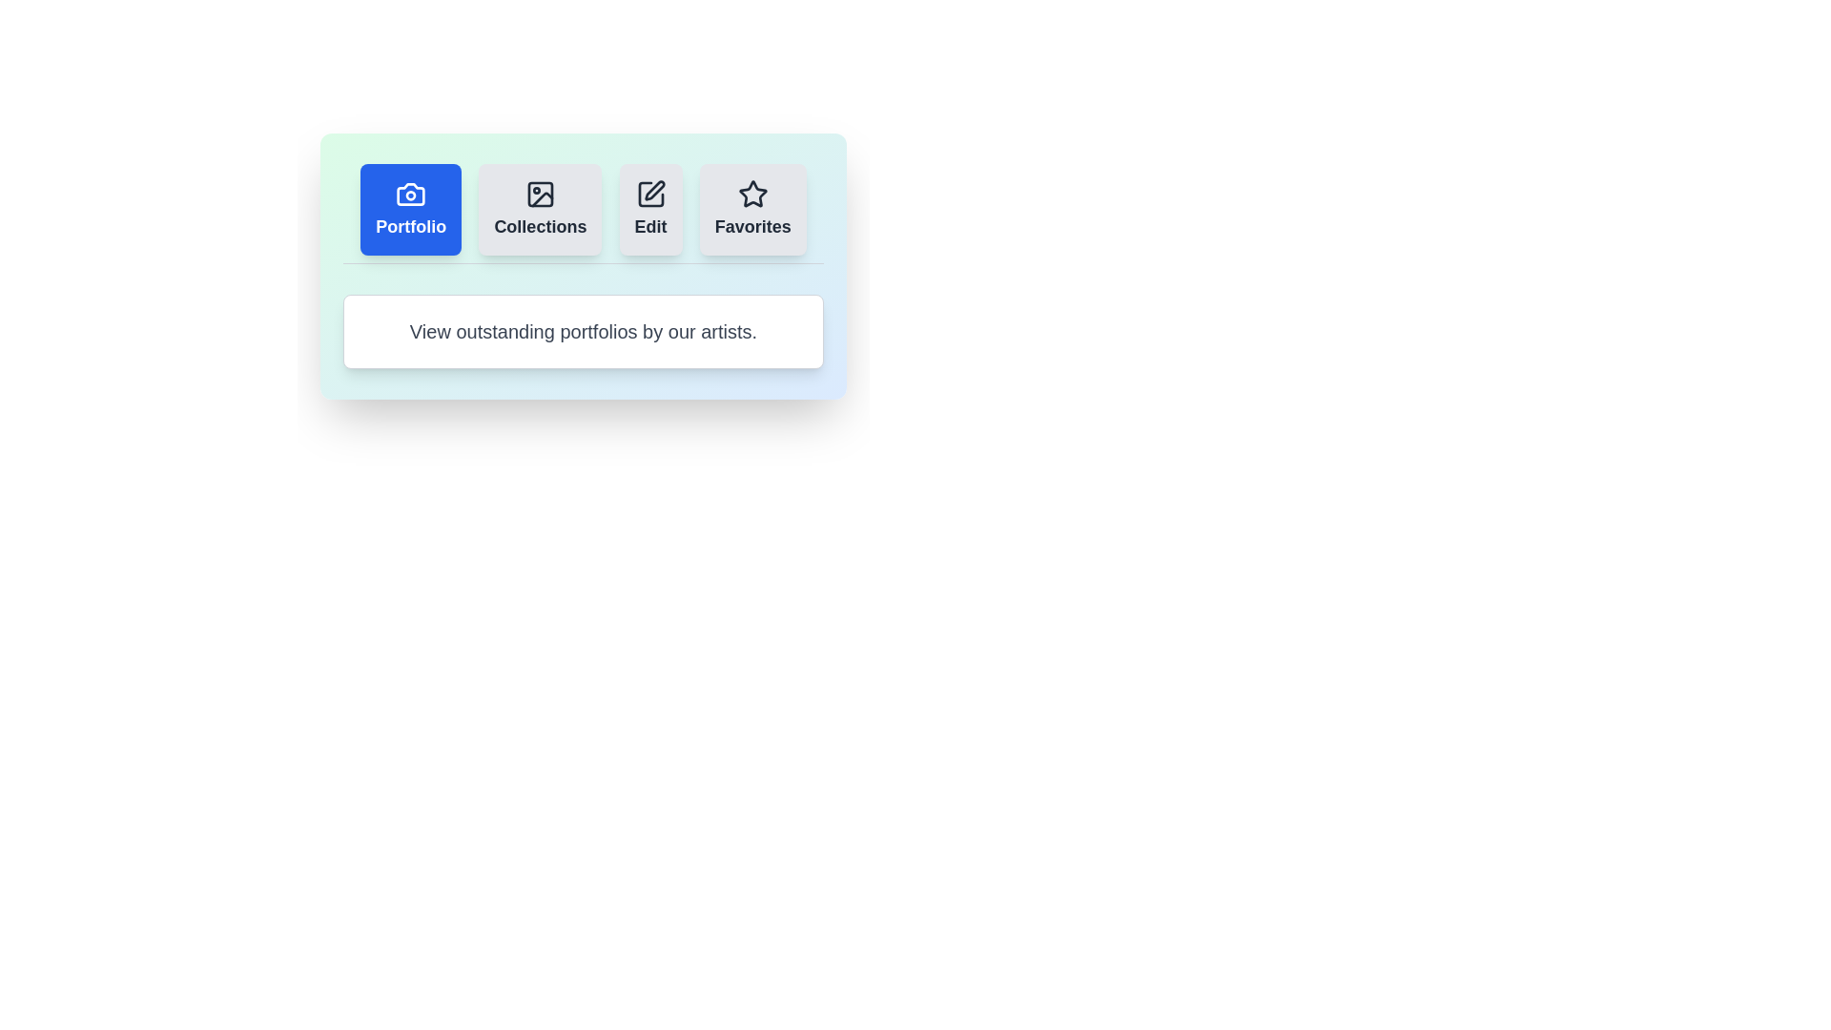  What do you see at coordinates (751, 209) in the screenshot?
I see `the Favorites tab by clicking on its button` at bounding box center [751, 209].